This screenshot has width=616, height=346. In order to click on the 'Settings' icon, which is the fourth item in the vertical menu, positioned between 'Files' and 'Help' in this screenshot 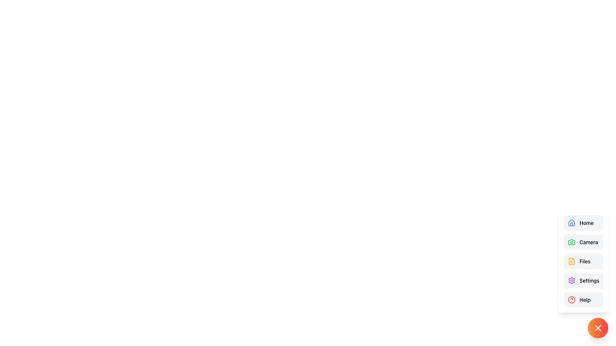, I will do `click(572, 280)`.